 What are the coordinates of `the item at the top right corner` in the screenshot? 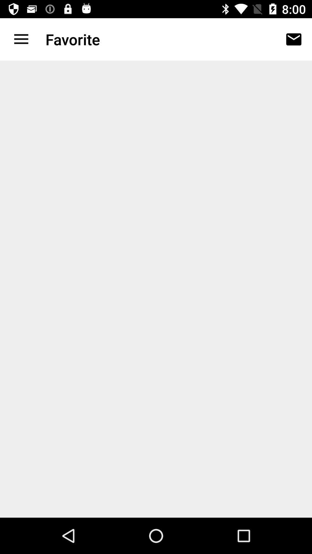 It's located at (294, 39).